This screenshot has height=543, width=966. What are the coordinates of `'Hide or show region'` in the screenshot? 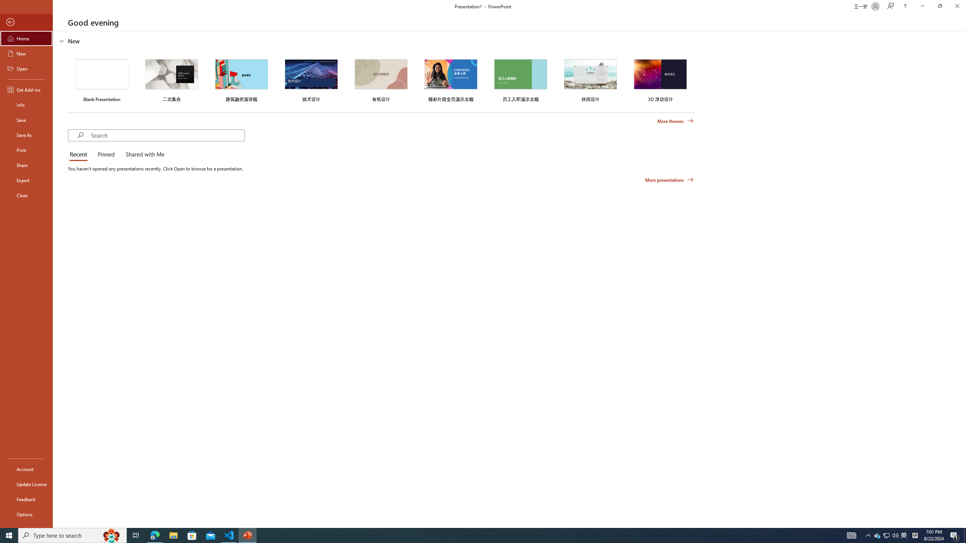 It's located at (62, 40).